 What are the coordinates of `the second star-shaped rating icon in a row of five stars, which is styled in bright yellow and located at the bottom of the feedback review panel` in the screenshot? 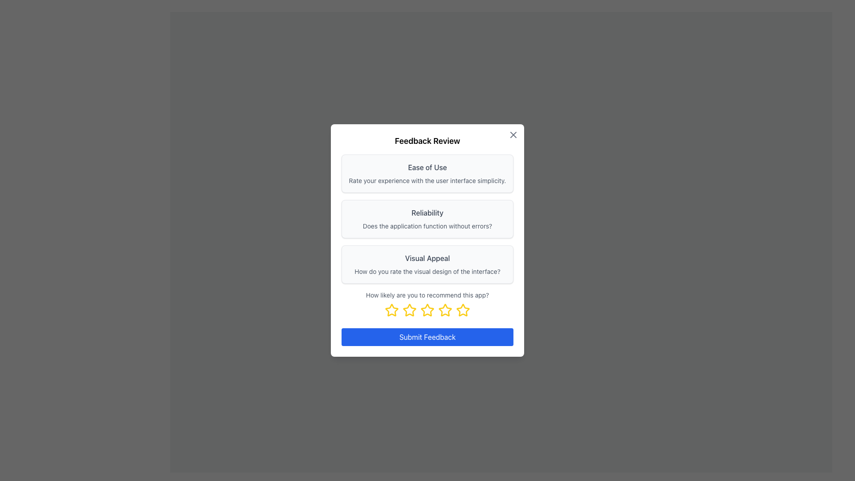 It's located at (409, 310).